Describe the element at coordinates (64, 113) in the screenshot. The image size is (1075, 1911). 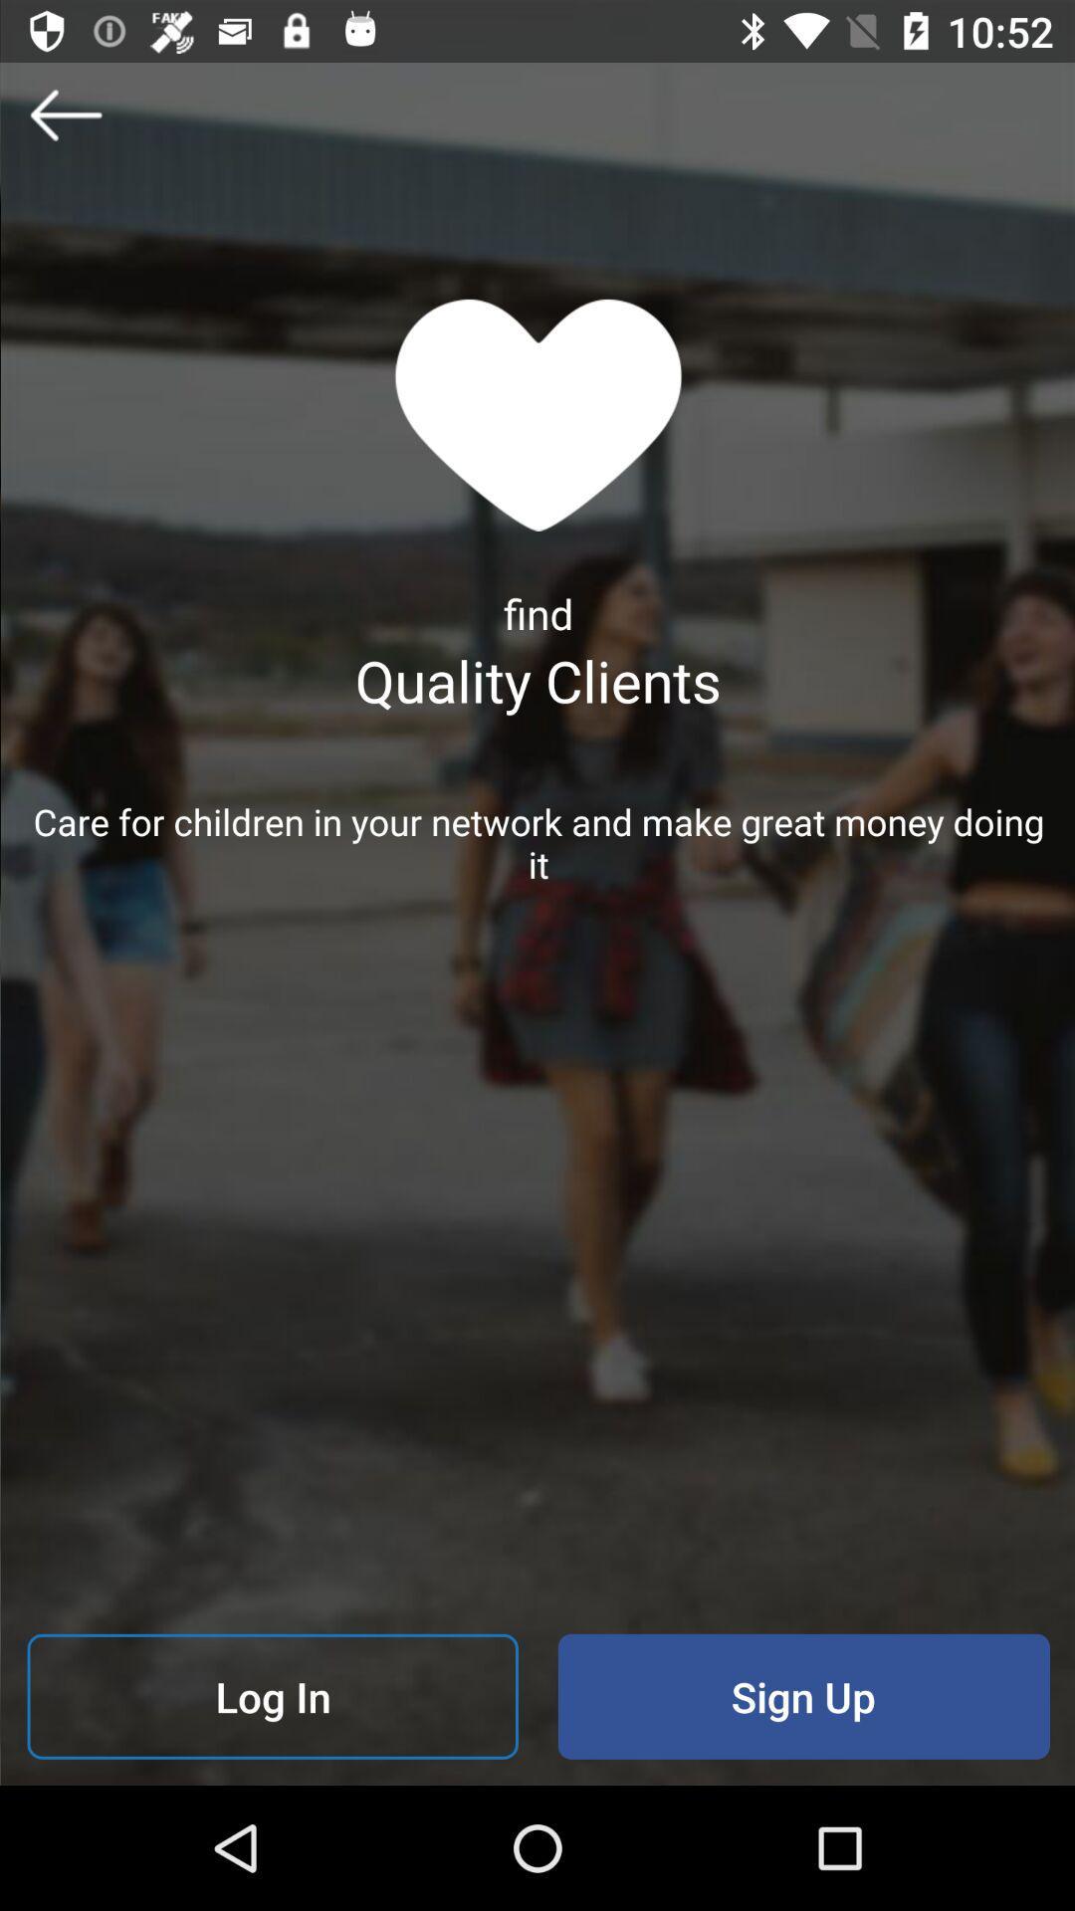
I see `previous` at that location.